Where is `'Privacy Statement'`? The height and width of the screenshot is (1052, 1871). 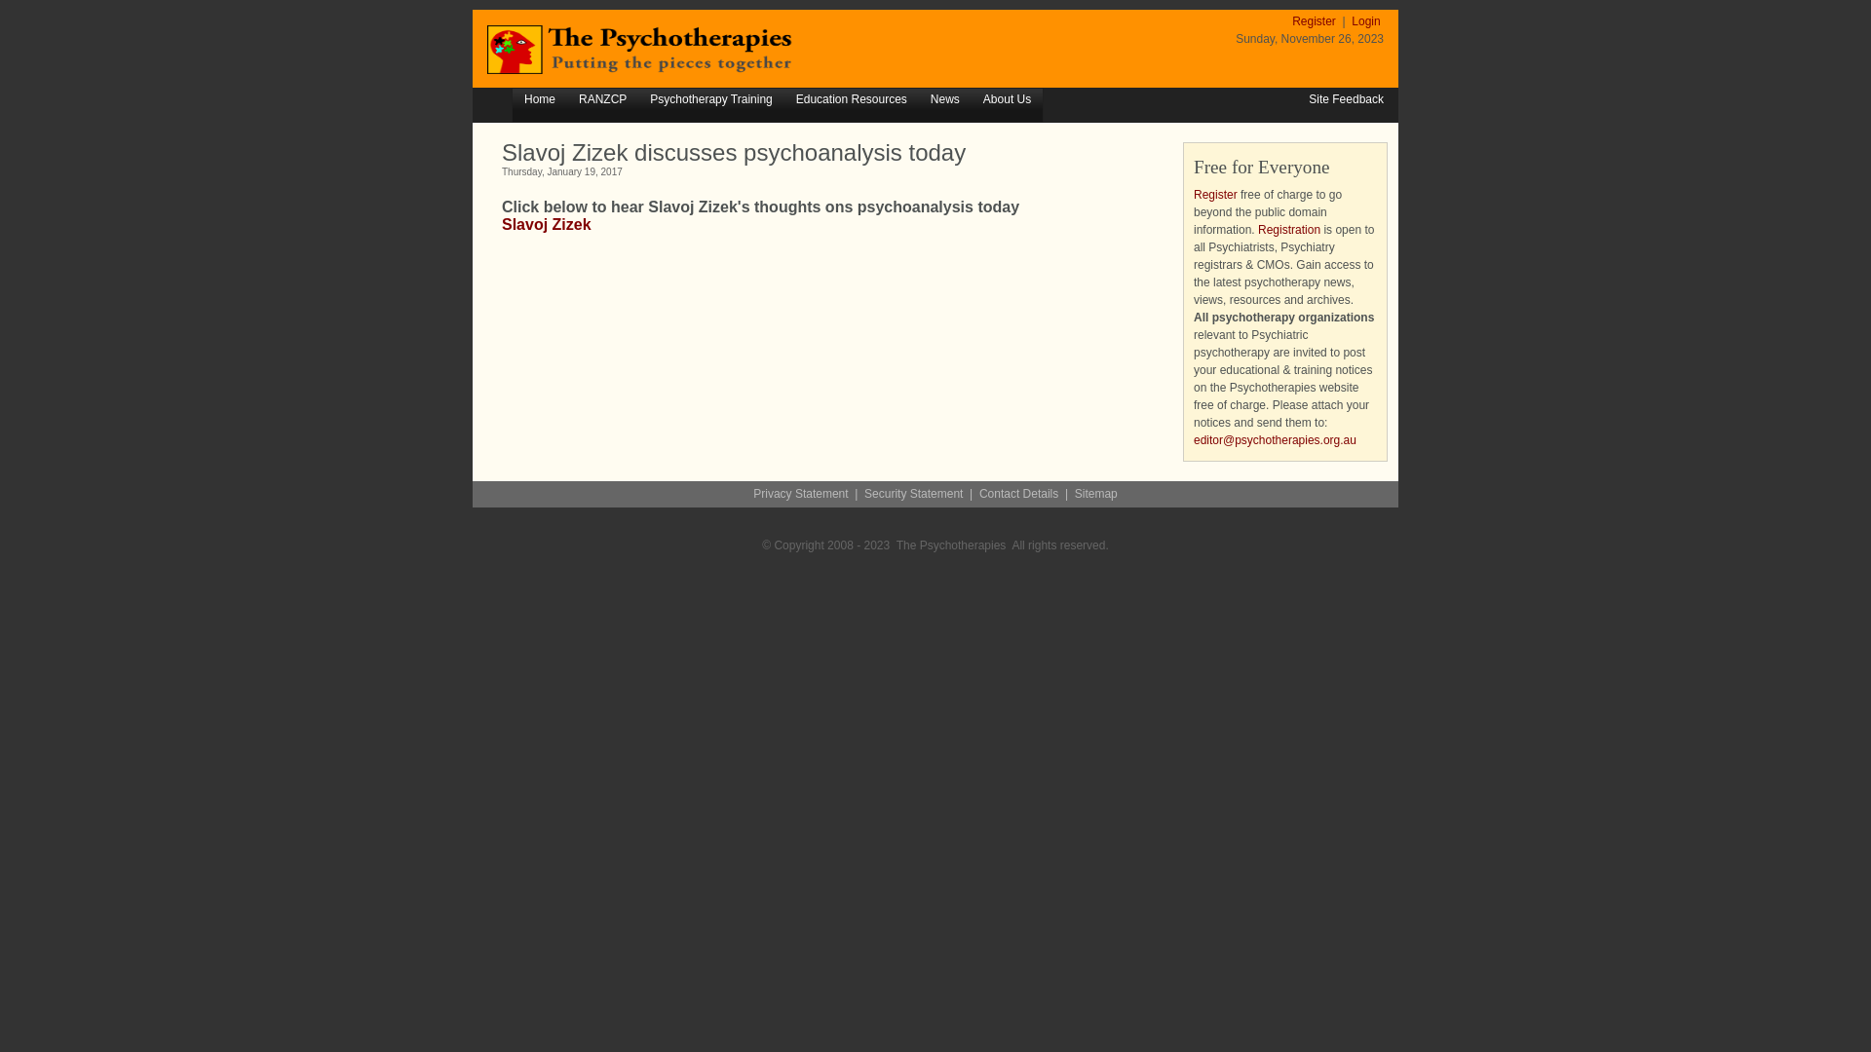 'Privacy Statement' is located at coordinates (800, 492).